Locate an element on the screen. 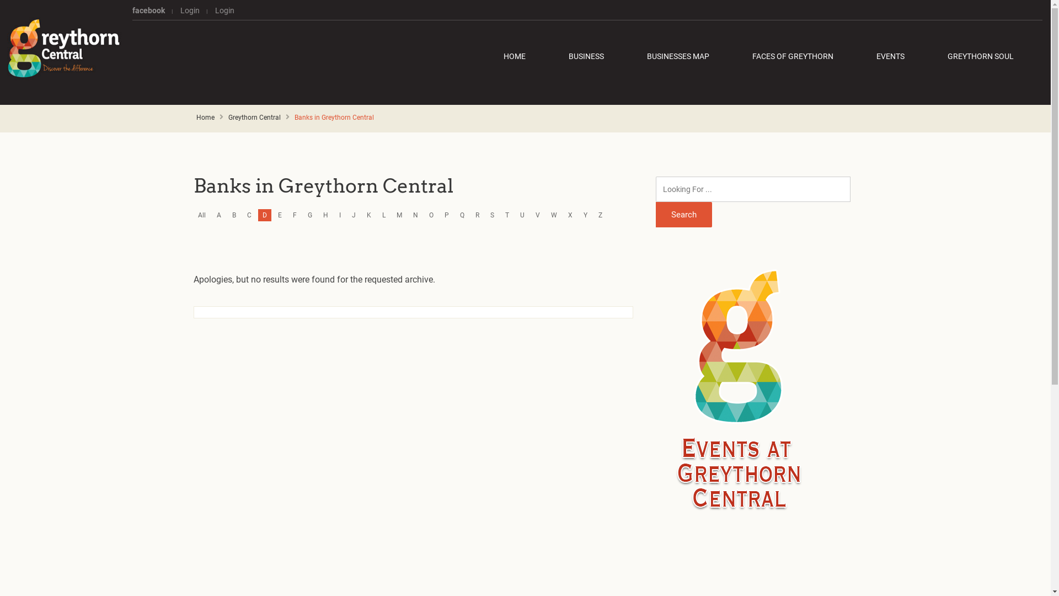 This screenshot has height=596, width=1059. 'T' is located at coordinates (506, 215).